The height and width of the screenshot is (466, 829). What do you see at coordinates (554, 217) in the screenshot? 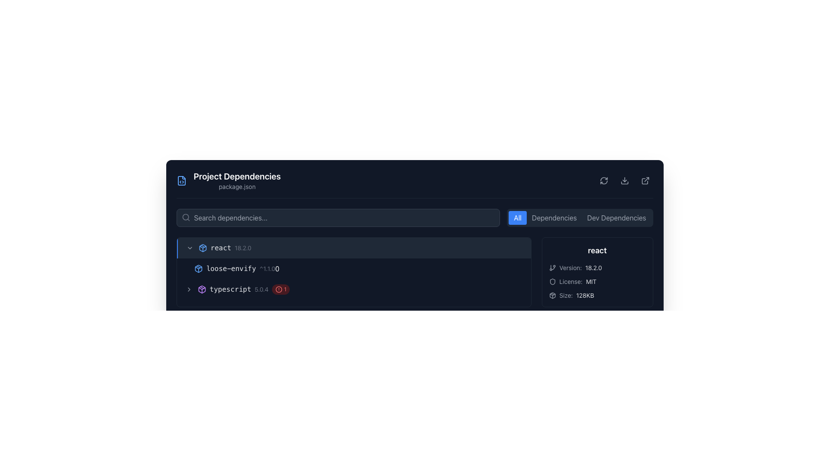
I see `the 'Dependencies' filter button located in the middle of a row of three buttons, allowing users to view specific categories of items` at bounding box center [554, 217].